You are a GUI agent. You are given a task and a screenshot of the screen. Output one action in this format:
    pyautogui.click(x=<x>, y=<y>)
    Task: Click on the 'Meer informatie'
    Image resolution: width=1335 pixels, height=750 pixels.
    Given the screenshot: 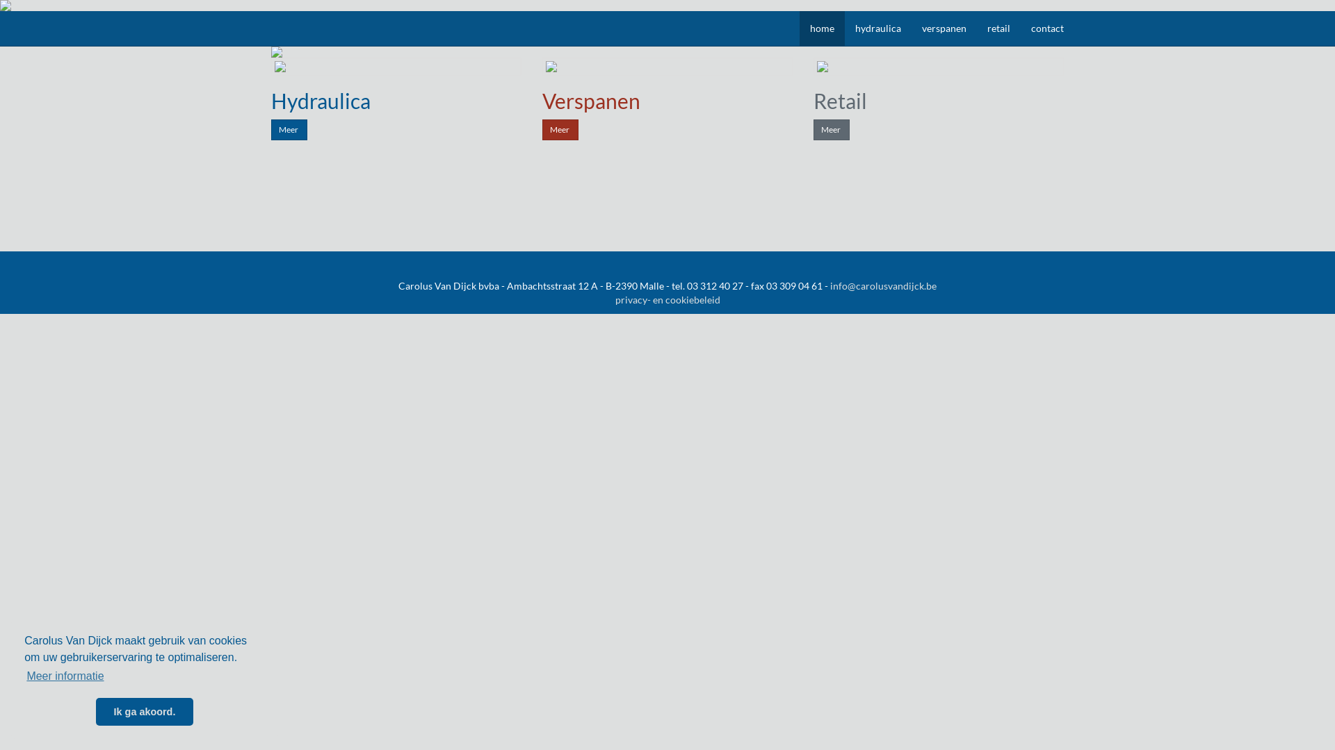 What is the action you would take?
    pyautogui.click(x=65, y=676)
    